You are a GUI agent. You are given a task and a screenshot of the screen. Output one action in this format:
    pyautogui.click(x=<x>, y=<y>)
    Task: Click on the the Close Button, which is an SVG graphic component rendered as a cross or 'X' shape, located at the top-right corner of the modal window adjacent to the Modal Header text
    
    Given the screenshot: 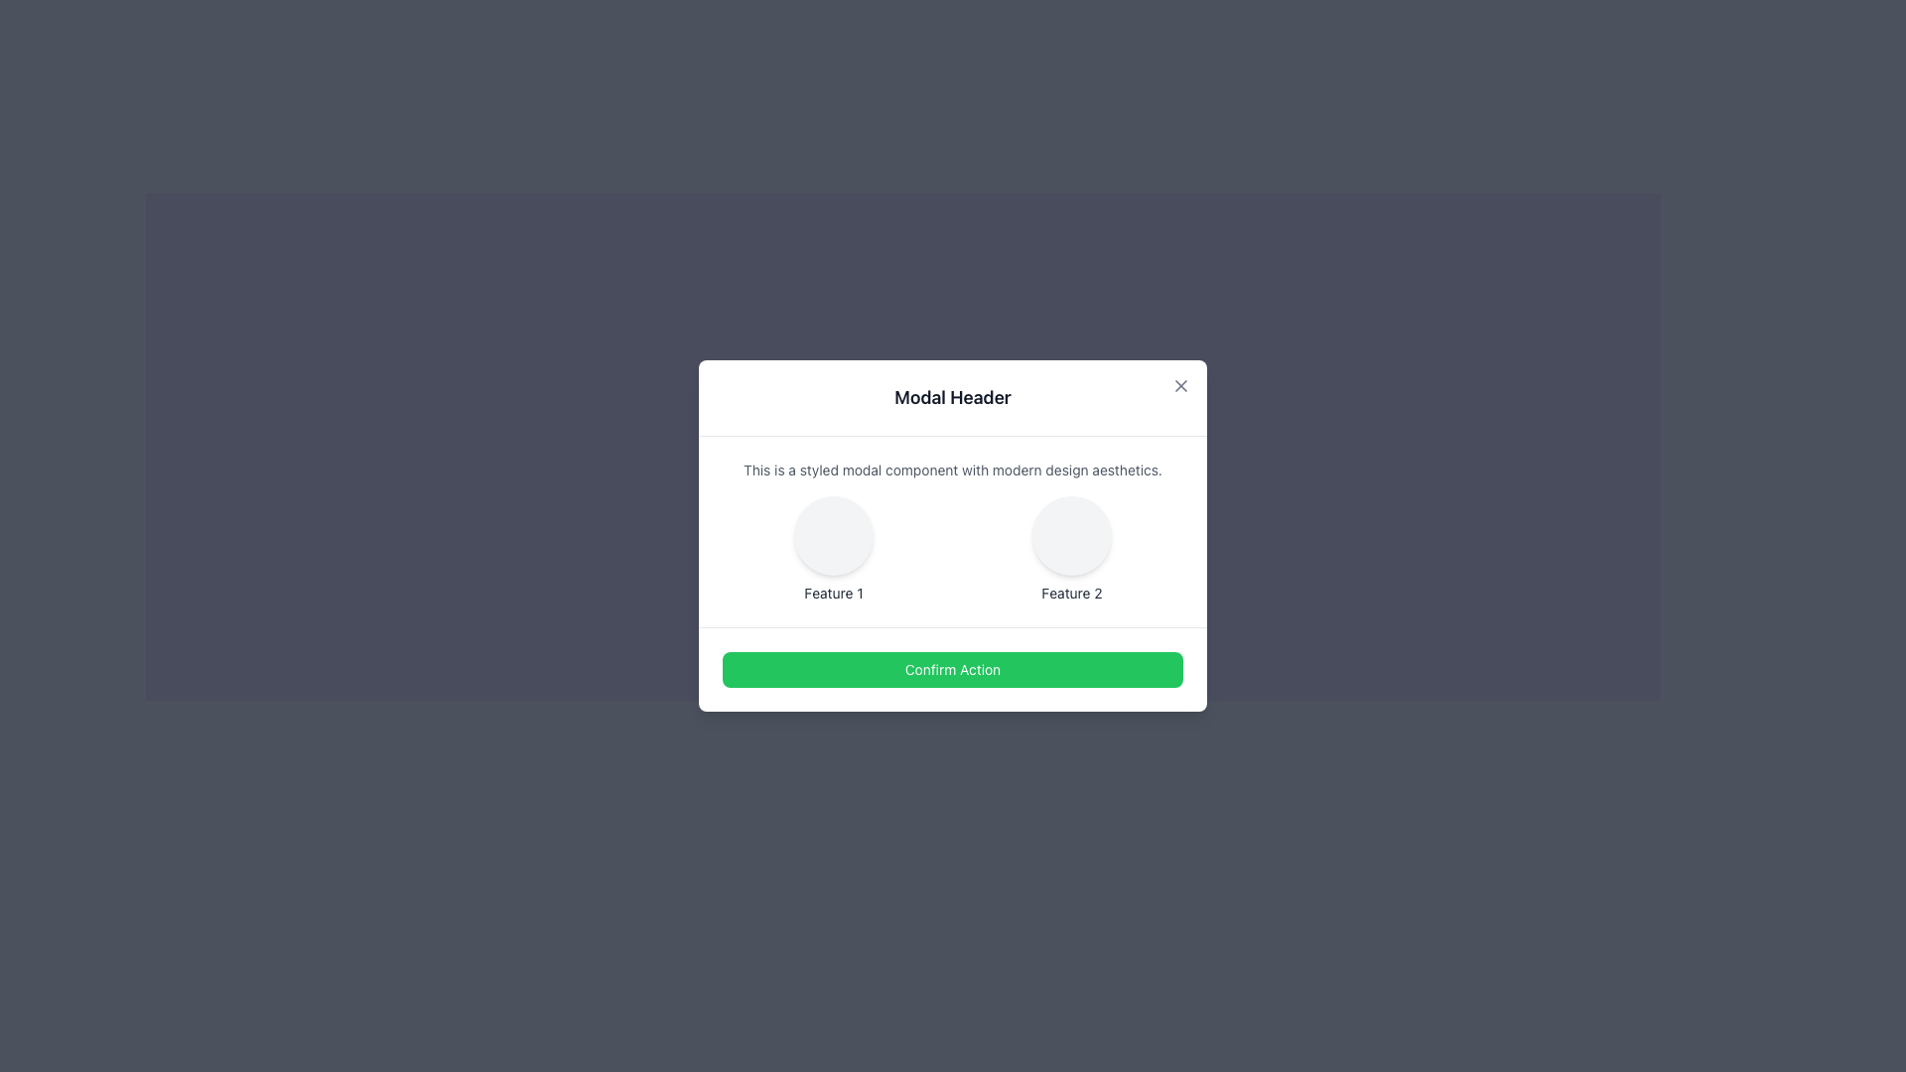 What is the action you would take?
    pyautogui.click(x=1181, y=386)
    